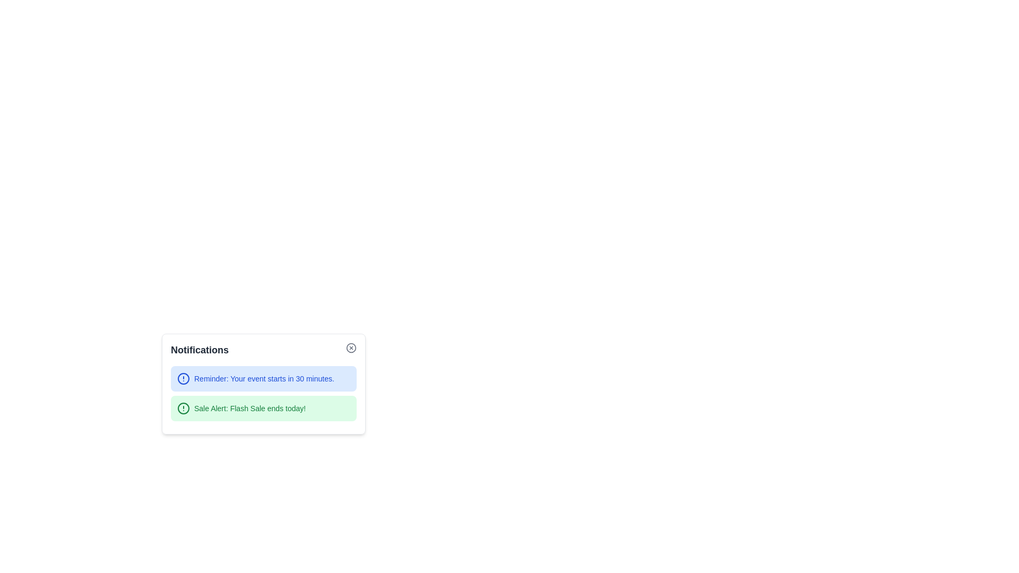 This screenshot has width=1019, height=573. What do you see at coordinates (351, 348) in the screenshot?
I see `the circular button with a cross icon adjacent to the 'Notifications' header` at bounding box center [351, 348].